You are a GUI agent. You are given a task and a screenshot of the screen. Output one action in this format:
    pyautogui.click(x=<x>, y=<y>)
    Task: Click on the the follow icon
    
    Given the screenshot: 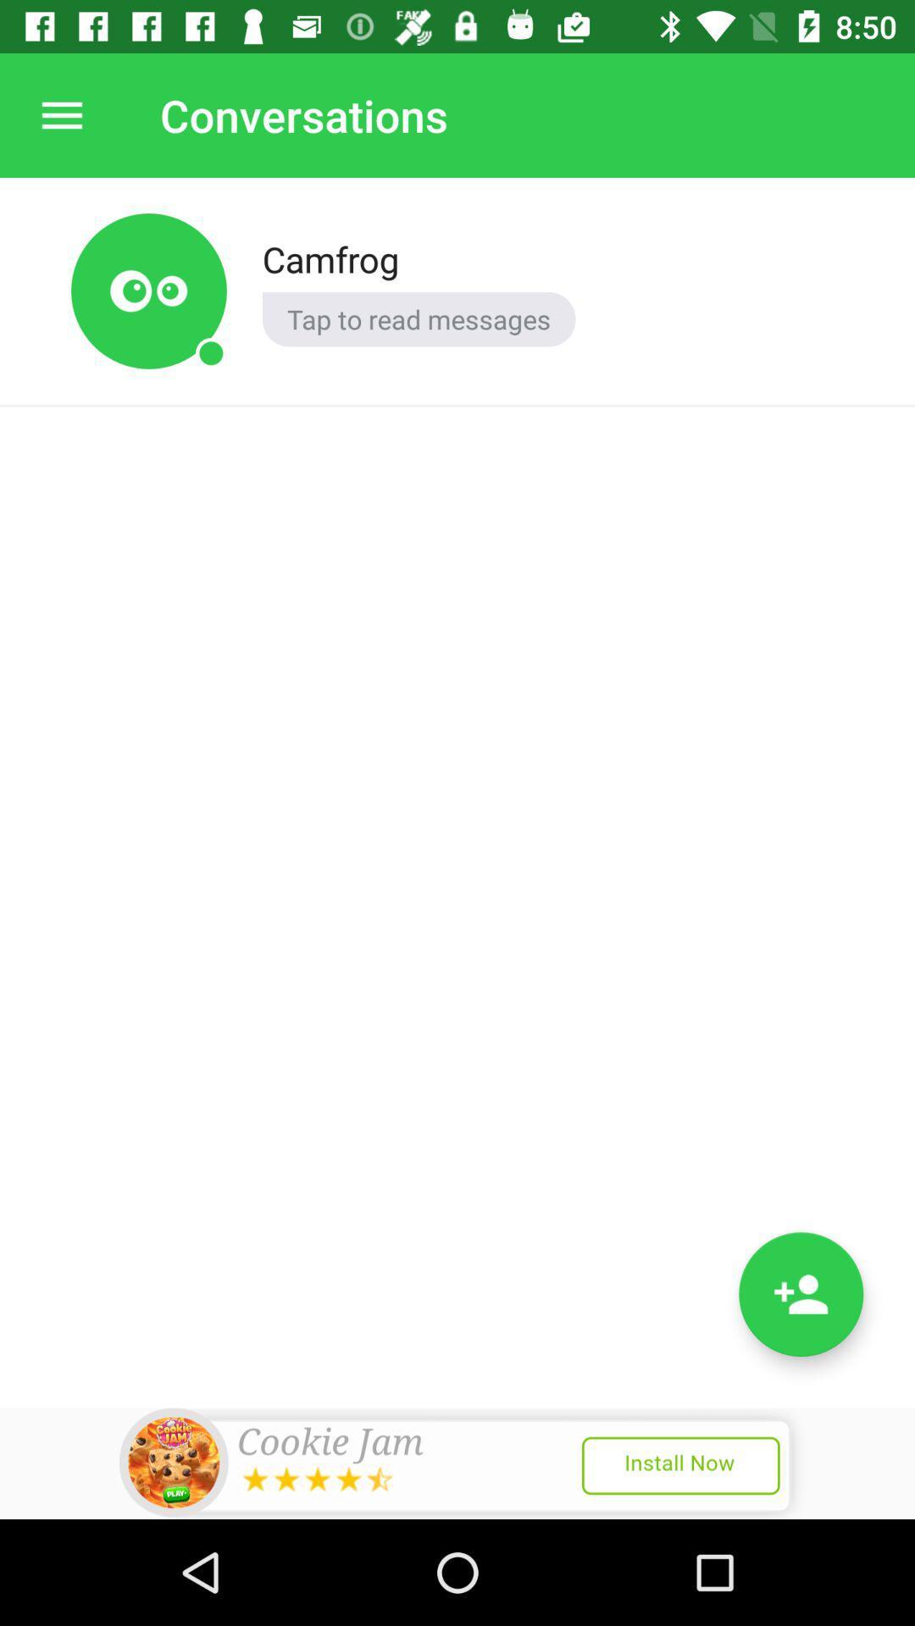 What is the action you would take?
    pyautogui.click(x=801, y=1293)
    